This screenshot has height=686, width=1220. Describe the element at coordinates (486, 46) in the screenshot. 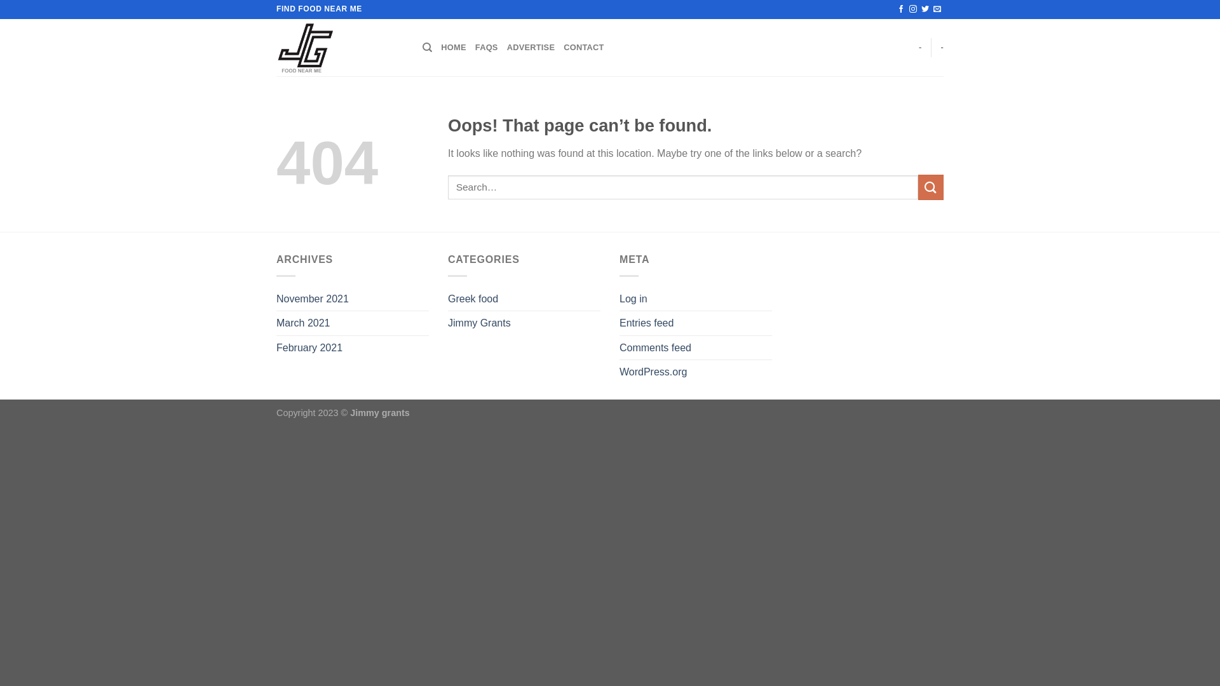

I see `'FAQS'` at that location.